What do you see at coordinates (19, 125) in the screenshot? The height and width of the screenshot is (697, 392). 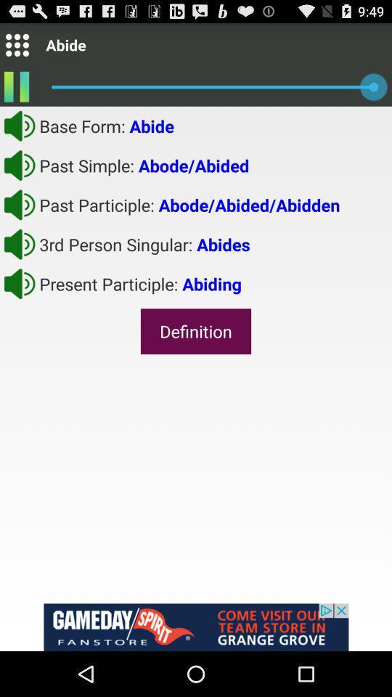 I see `button` at bounding box center [19, 125].